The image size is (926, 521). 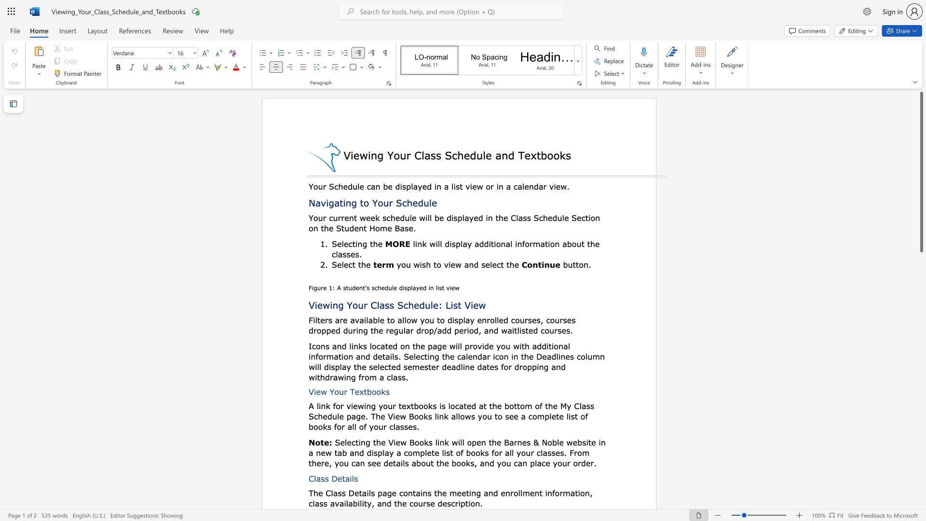 I want to click on the side scrollbar to bring the page down, so click(x=921, y=323).